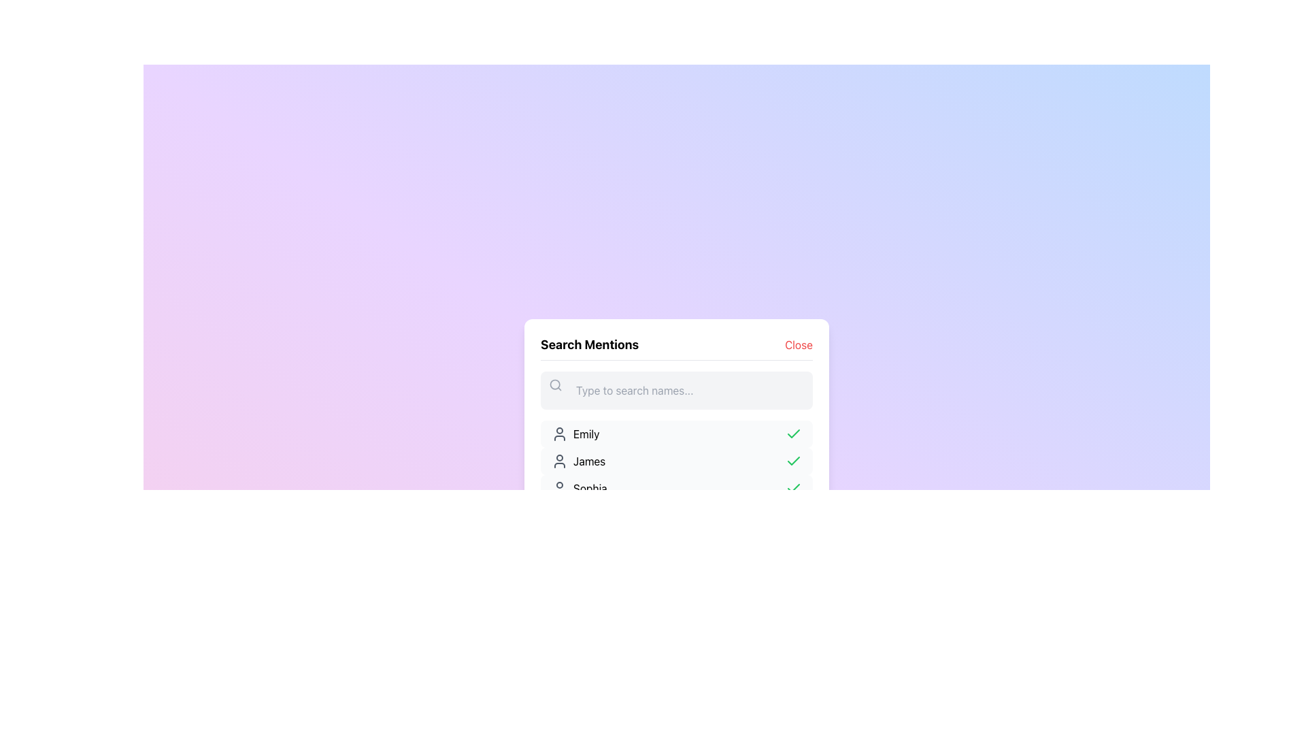 Image resolution: width=1306 pixels, height=735 pixels. I want to click on the Text Label that serves as a heading for the section to check if tooltips appear, so click(590, 344).